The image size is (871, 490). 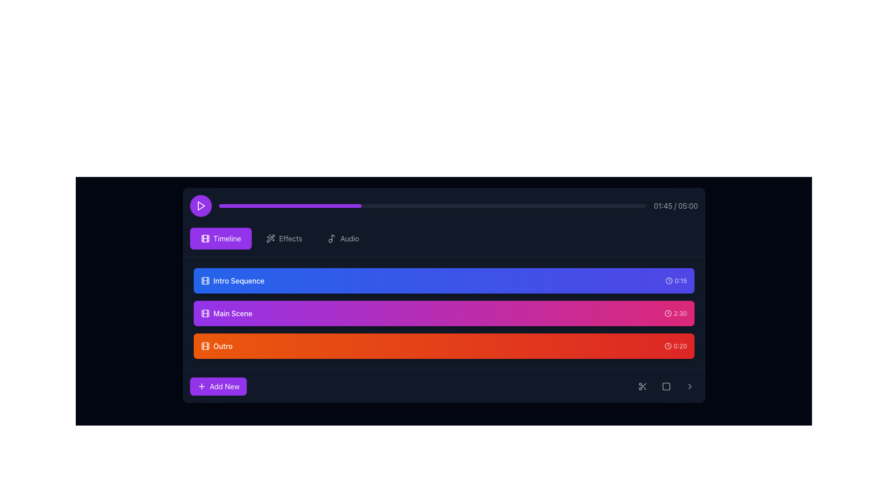 I want to click on the 'Main Scene' button located in the vertical list between 'Intro Sequence' and 'Outro', so click(x=226, y=313).